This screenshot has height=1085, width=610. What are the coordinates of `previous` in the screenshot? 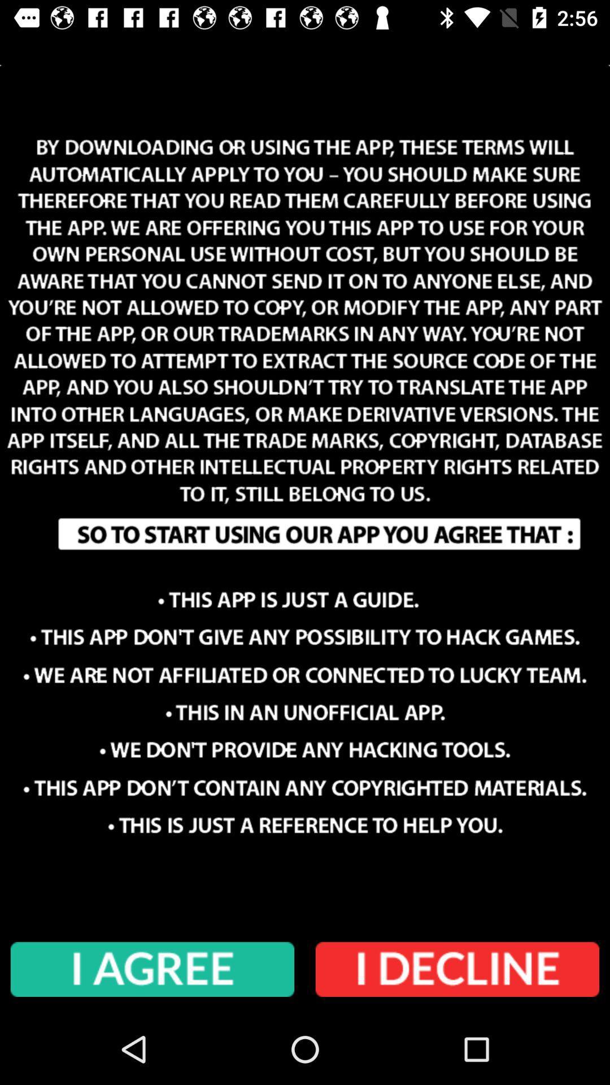 It's located at (457, 969).